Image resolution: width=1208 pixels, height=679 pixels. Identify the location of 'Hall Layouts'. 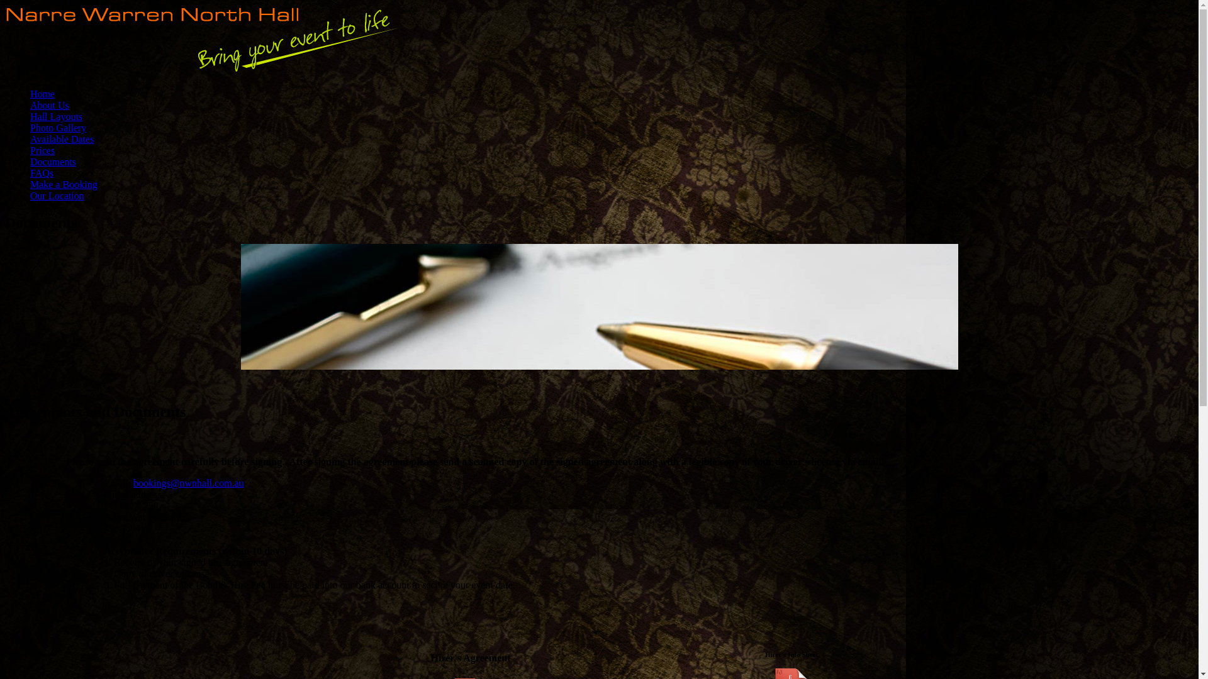
(30, 116).